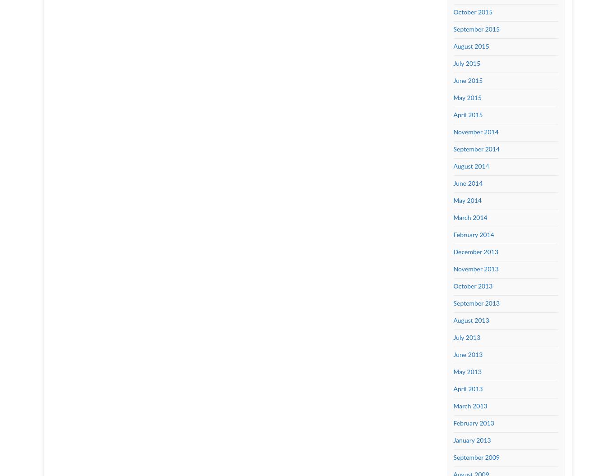 This screenshot has height=476, width=616. What do you see at coordinates (453, 303) in the screenshot?
I see `'September 2013'` at bounding box center [453, 303].